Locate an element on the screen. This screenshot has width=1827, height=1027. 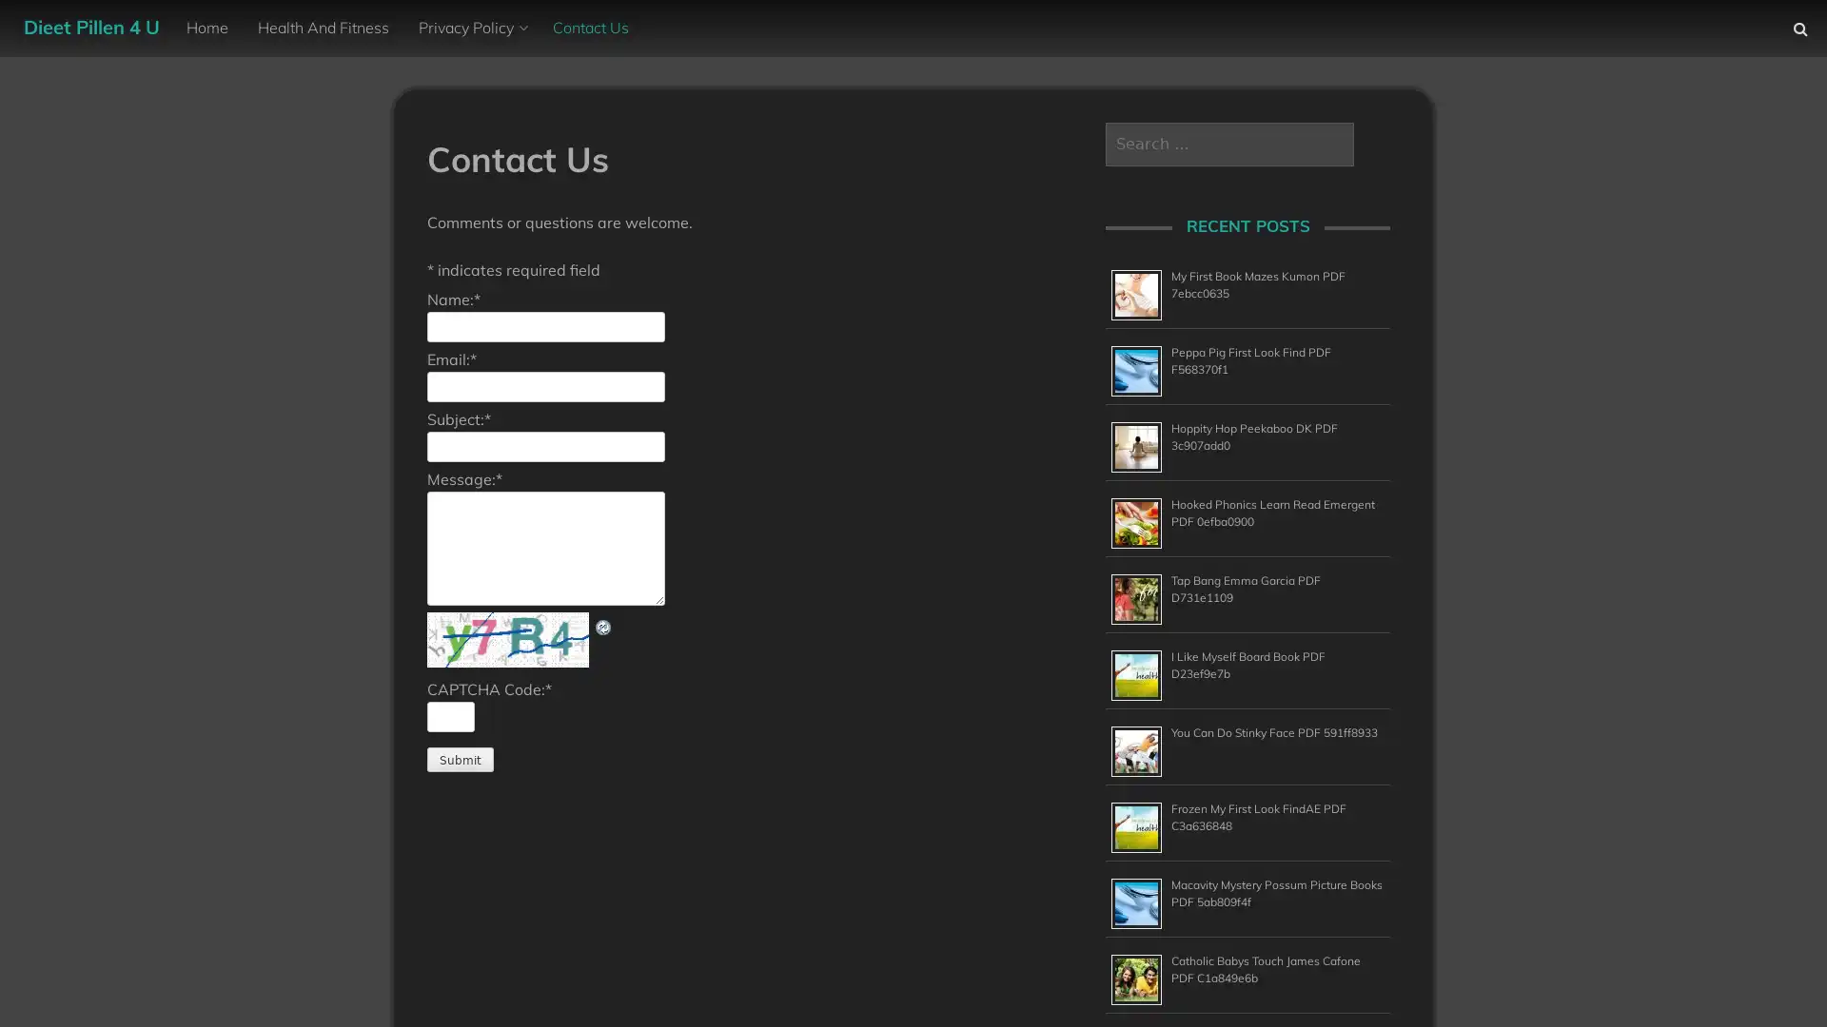
Submit is located at coordinates (461, 758).